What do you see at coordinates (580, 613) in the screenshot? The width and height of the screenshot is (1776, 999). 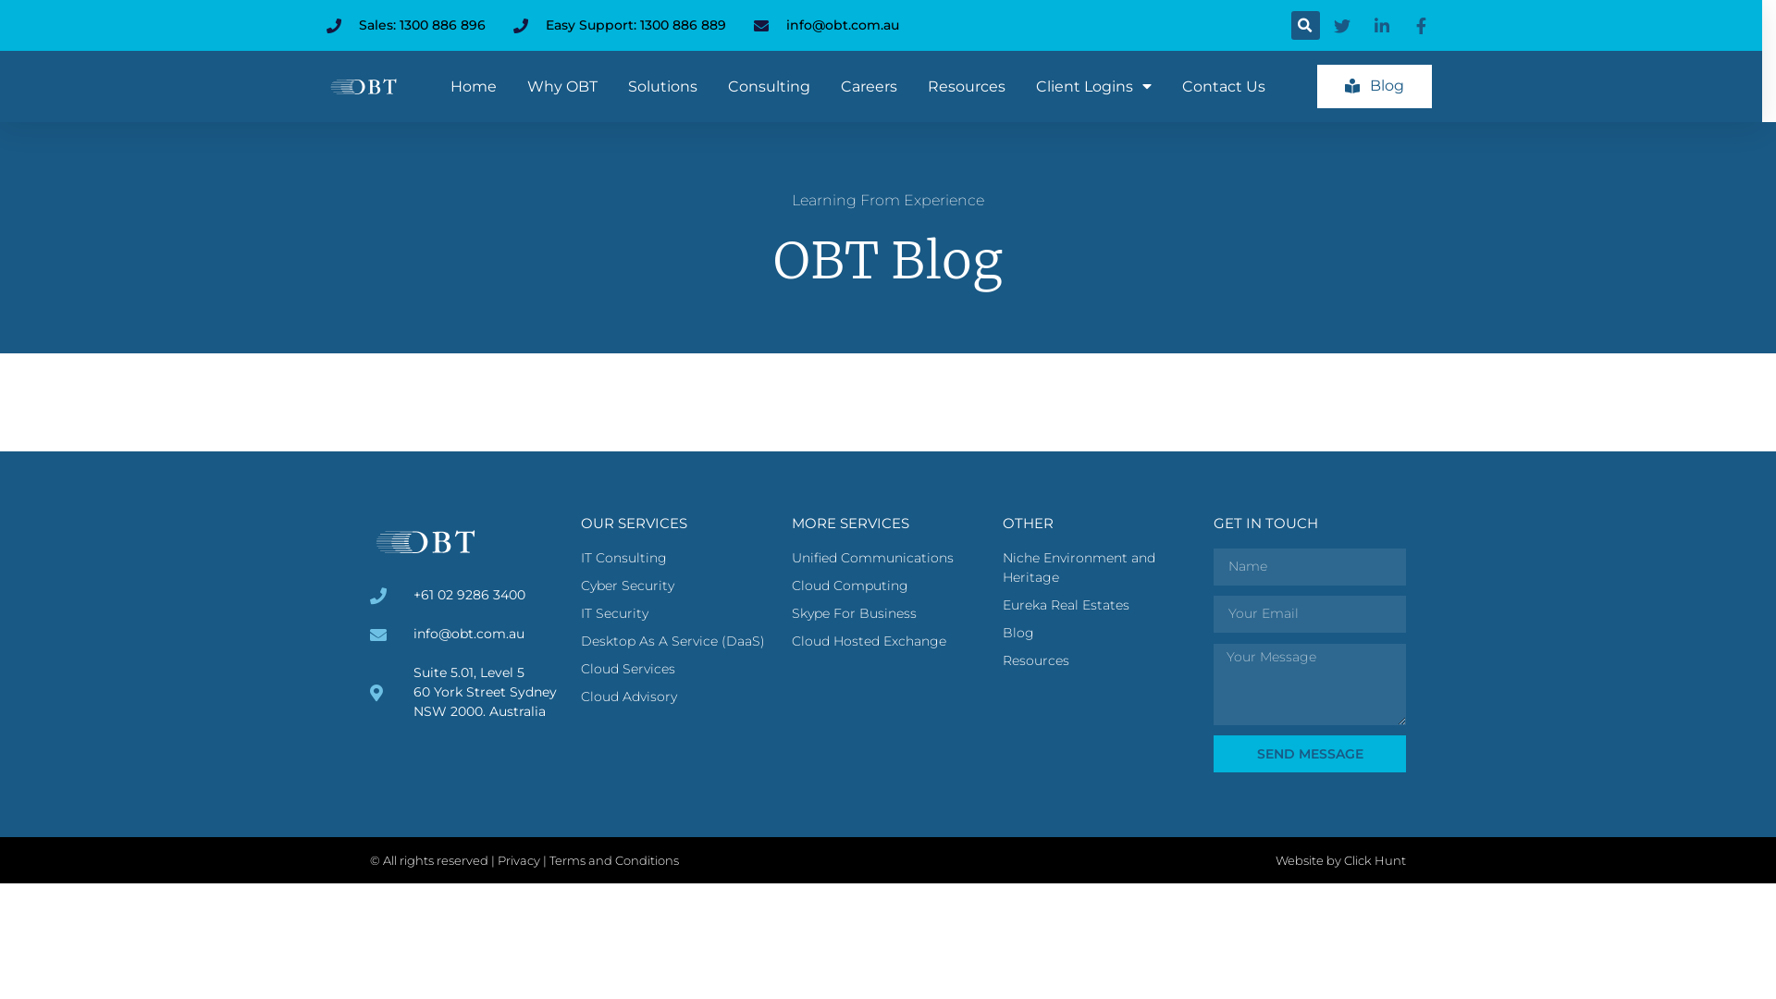 I see `'IT Security'` at bounding box center [580, 613].